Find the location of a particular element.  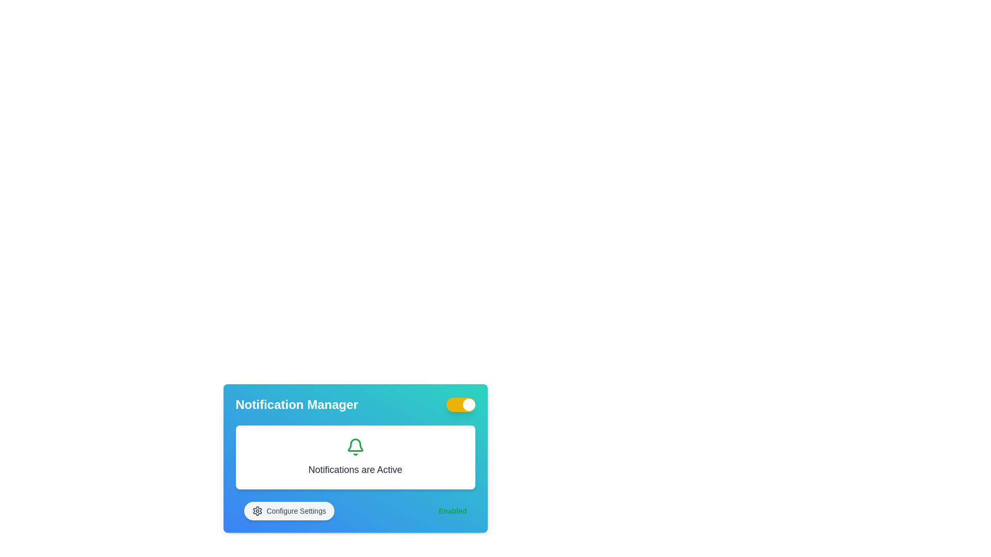

the 'Configure Settings' text label within the button, which is styled in medium gray and positioned adjacent to a gear icon in the Notification Manager card is located at coordinates (296, 511).